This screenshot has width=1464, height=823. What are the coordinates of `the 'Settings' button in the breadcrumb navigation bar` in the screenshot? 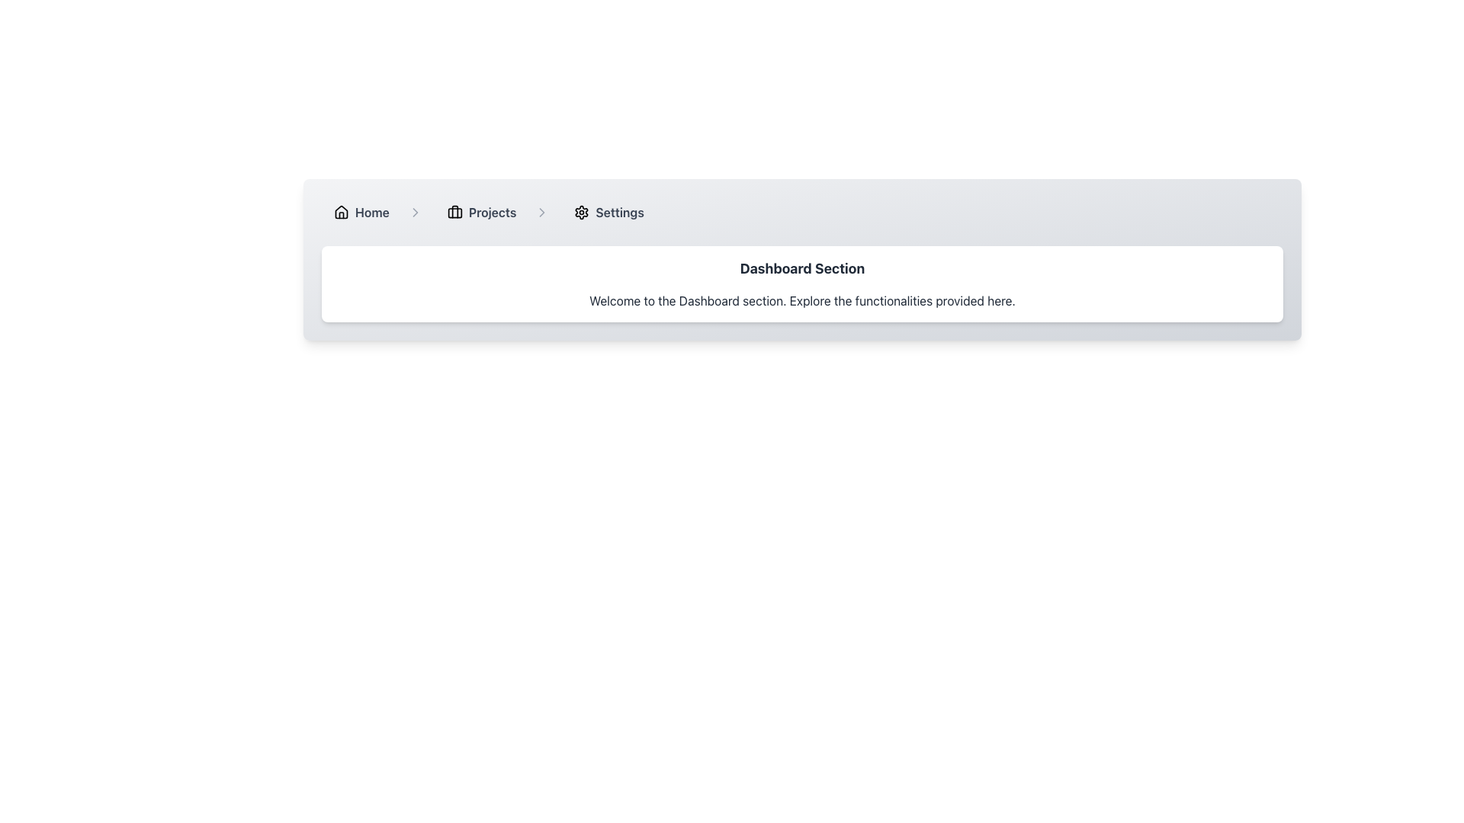 It's located at (608, 212).